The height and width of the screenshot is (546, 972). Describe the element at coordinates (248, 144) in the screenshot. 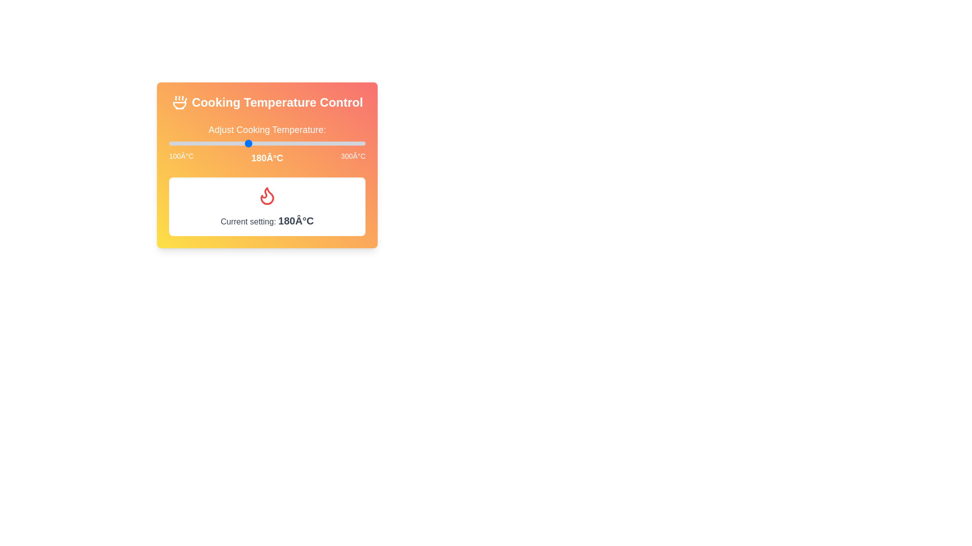

I see `the cooking temperature to 180°C by interacting with the slider` at that location.